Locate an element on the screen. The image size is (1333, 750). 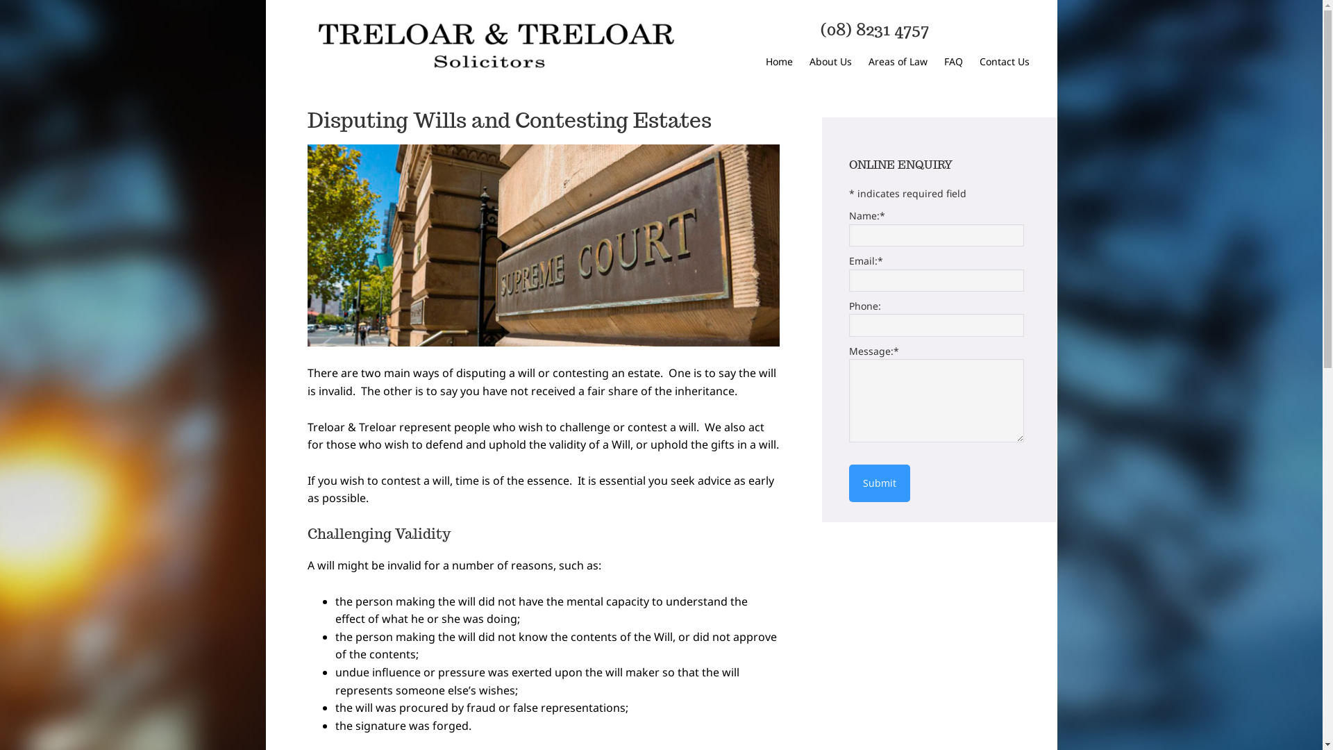
'FAQ' is located at coordinates (953, 62).